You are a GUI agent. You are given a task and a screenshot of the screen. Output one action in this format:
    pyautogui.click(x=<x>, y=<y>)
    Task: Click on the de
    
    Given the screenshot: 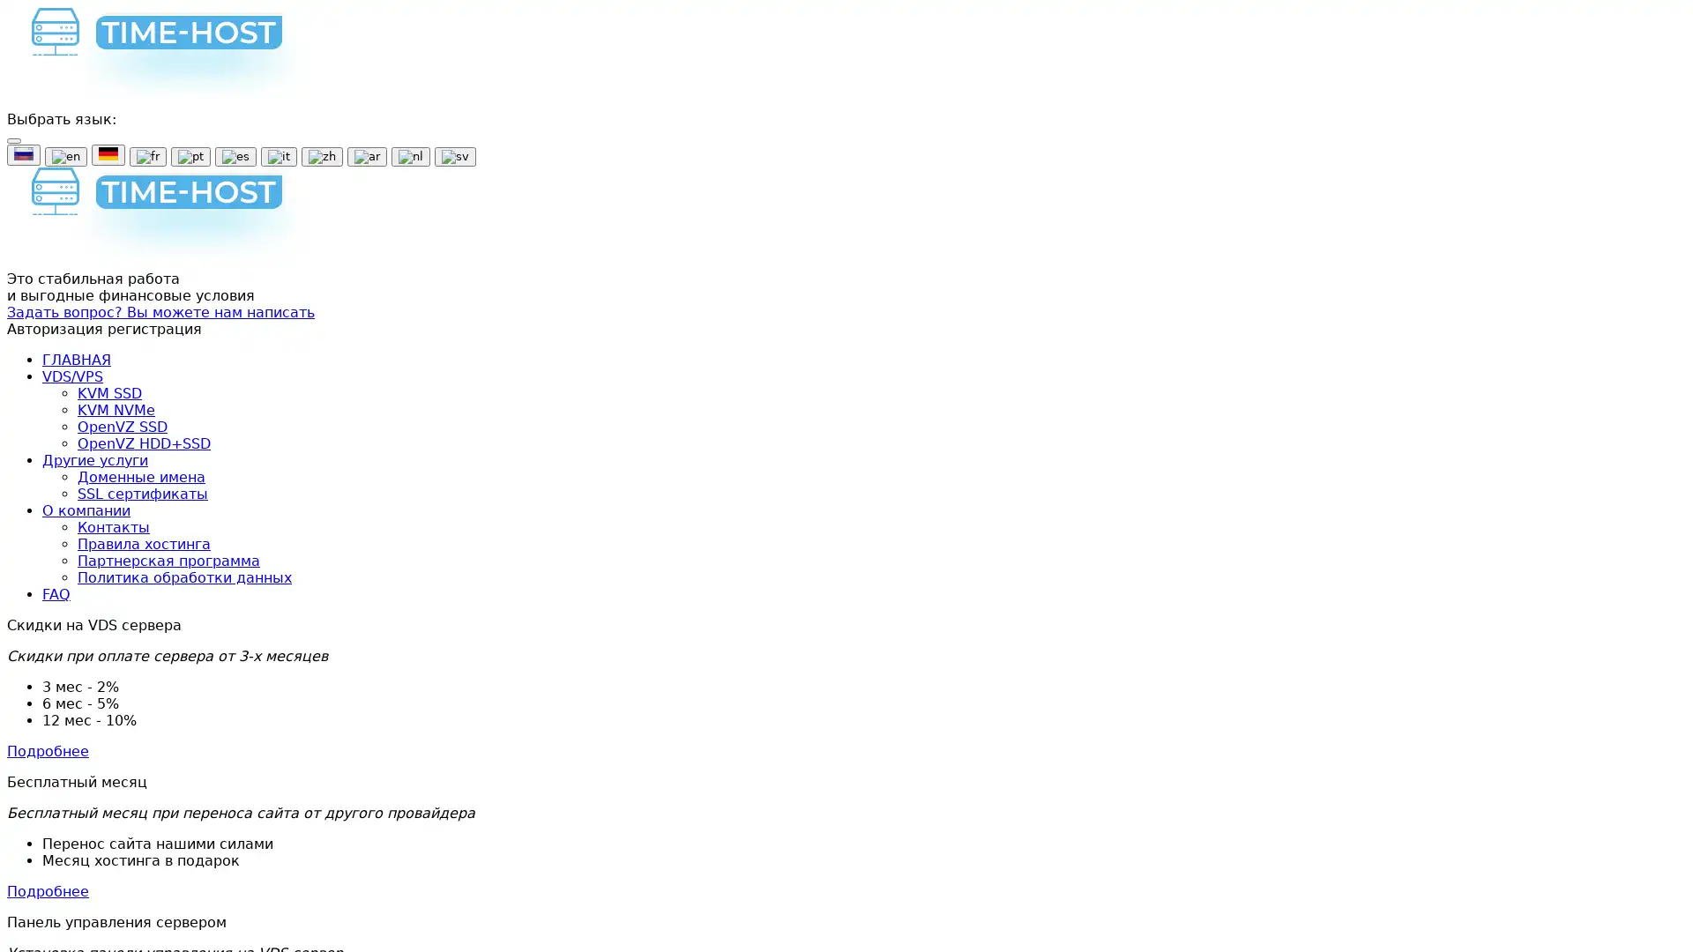 What is the action you would take?
    pyautogui.click(x=108, y=154)
    